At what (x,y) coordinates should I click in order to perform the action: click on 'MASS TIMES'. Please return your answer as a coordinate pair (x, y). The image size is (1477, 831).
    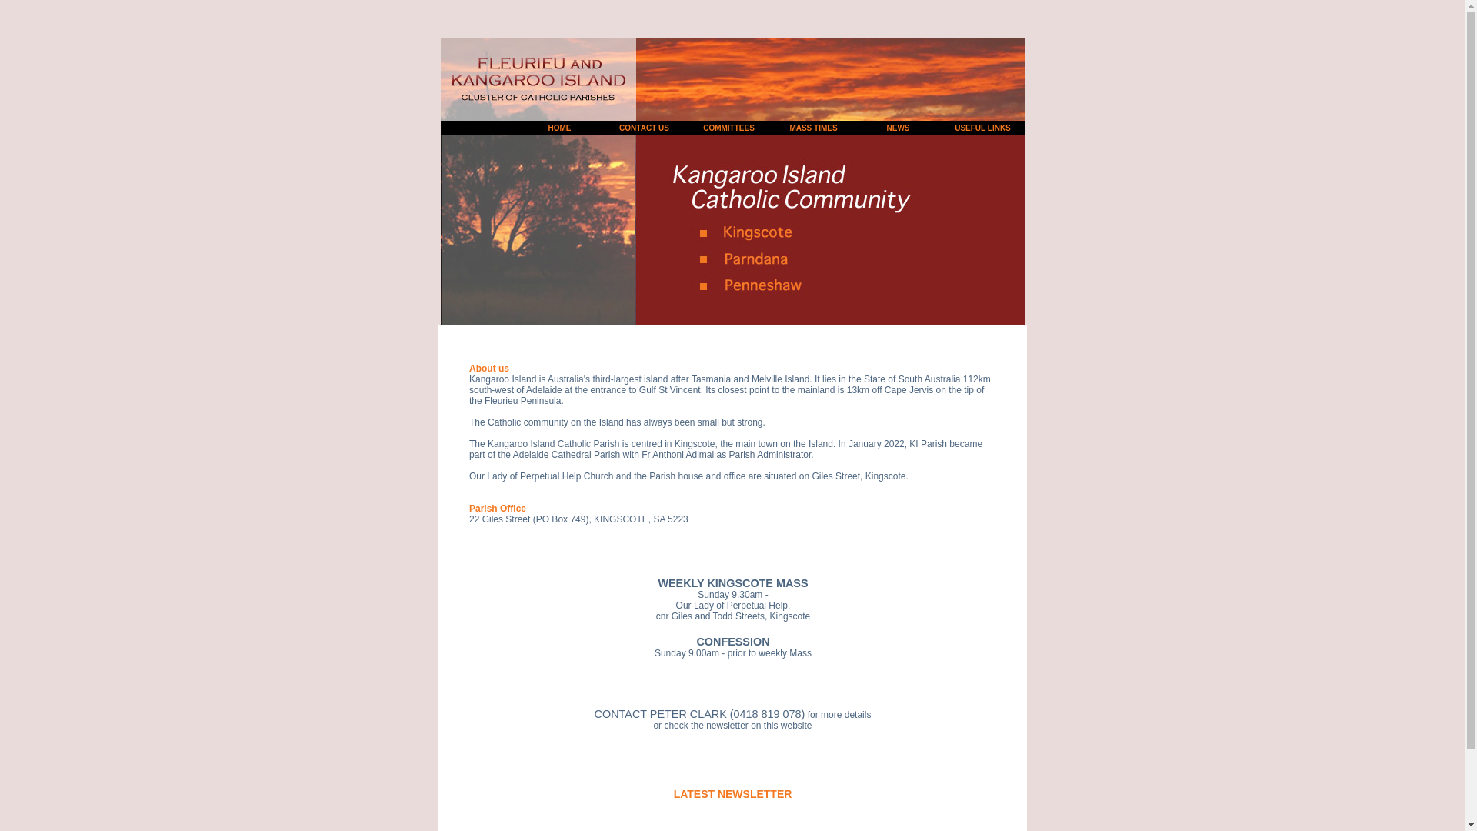
    Looking at the image, I should click on (789, 126).